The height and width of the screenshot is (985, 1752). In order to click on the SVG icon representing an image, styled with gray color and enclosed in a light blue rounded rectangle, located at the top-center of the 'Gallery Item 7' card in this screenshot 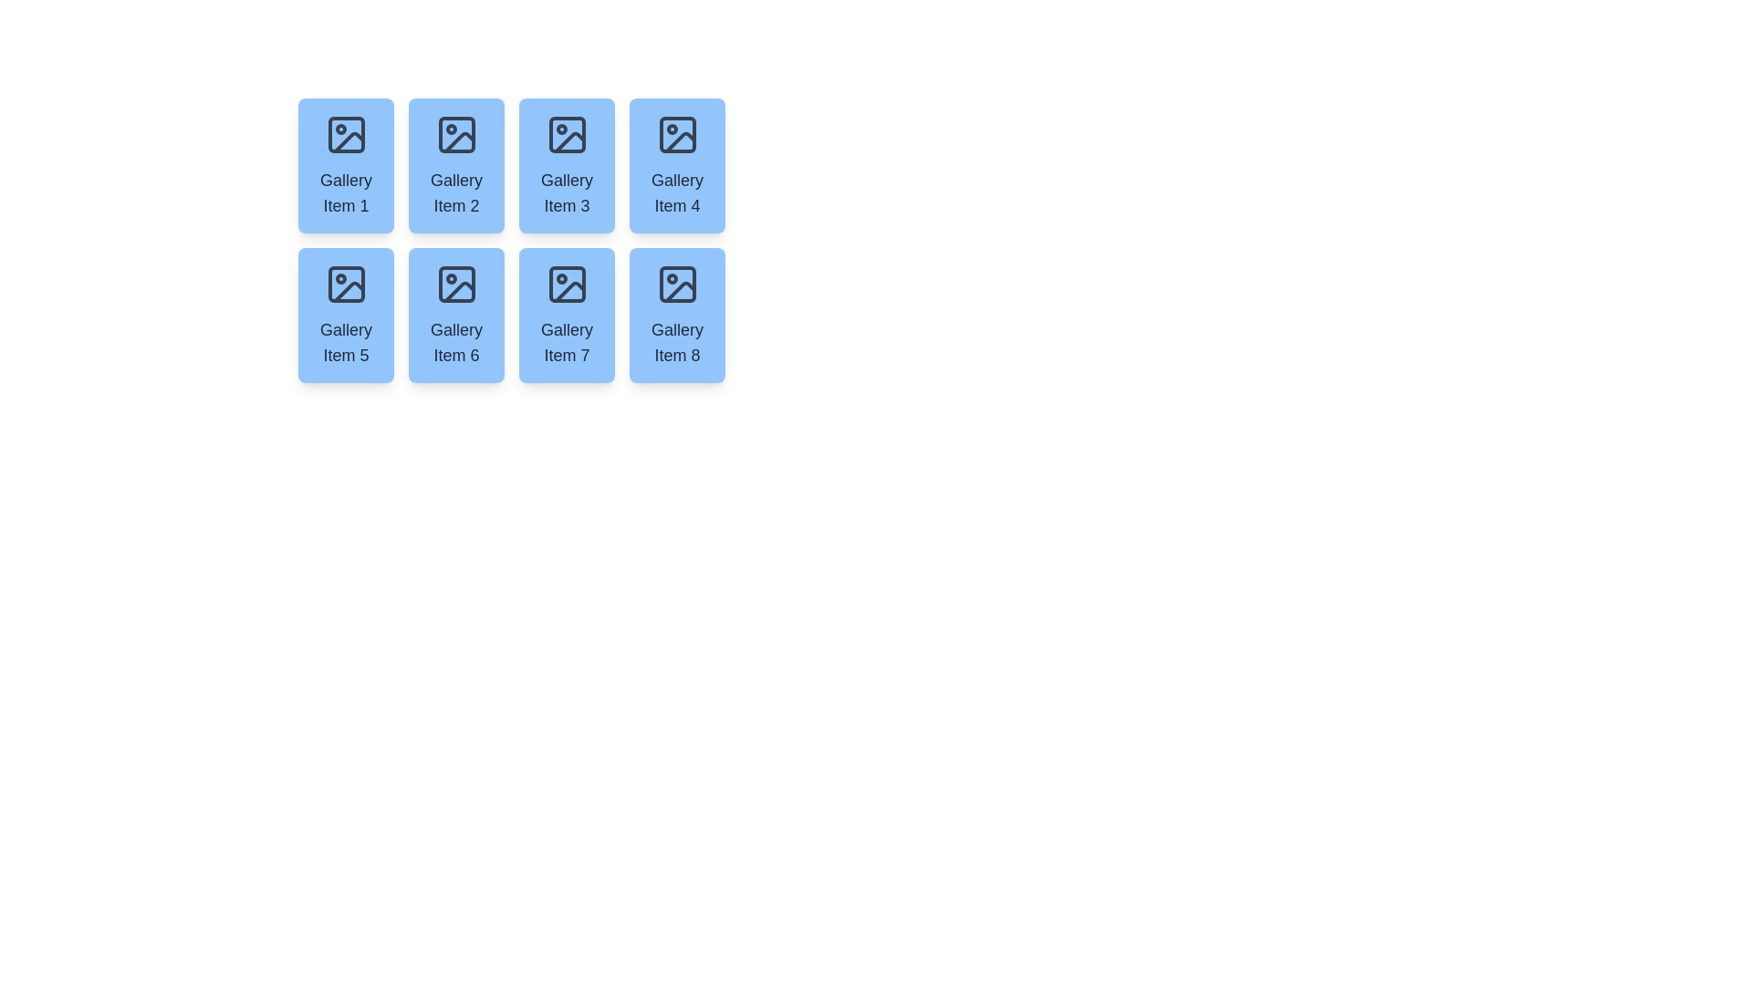, I will do `click(566, 285)`.